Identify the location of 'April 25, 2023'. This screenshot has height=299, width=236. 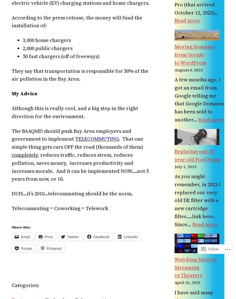
(174, 282).